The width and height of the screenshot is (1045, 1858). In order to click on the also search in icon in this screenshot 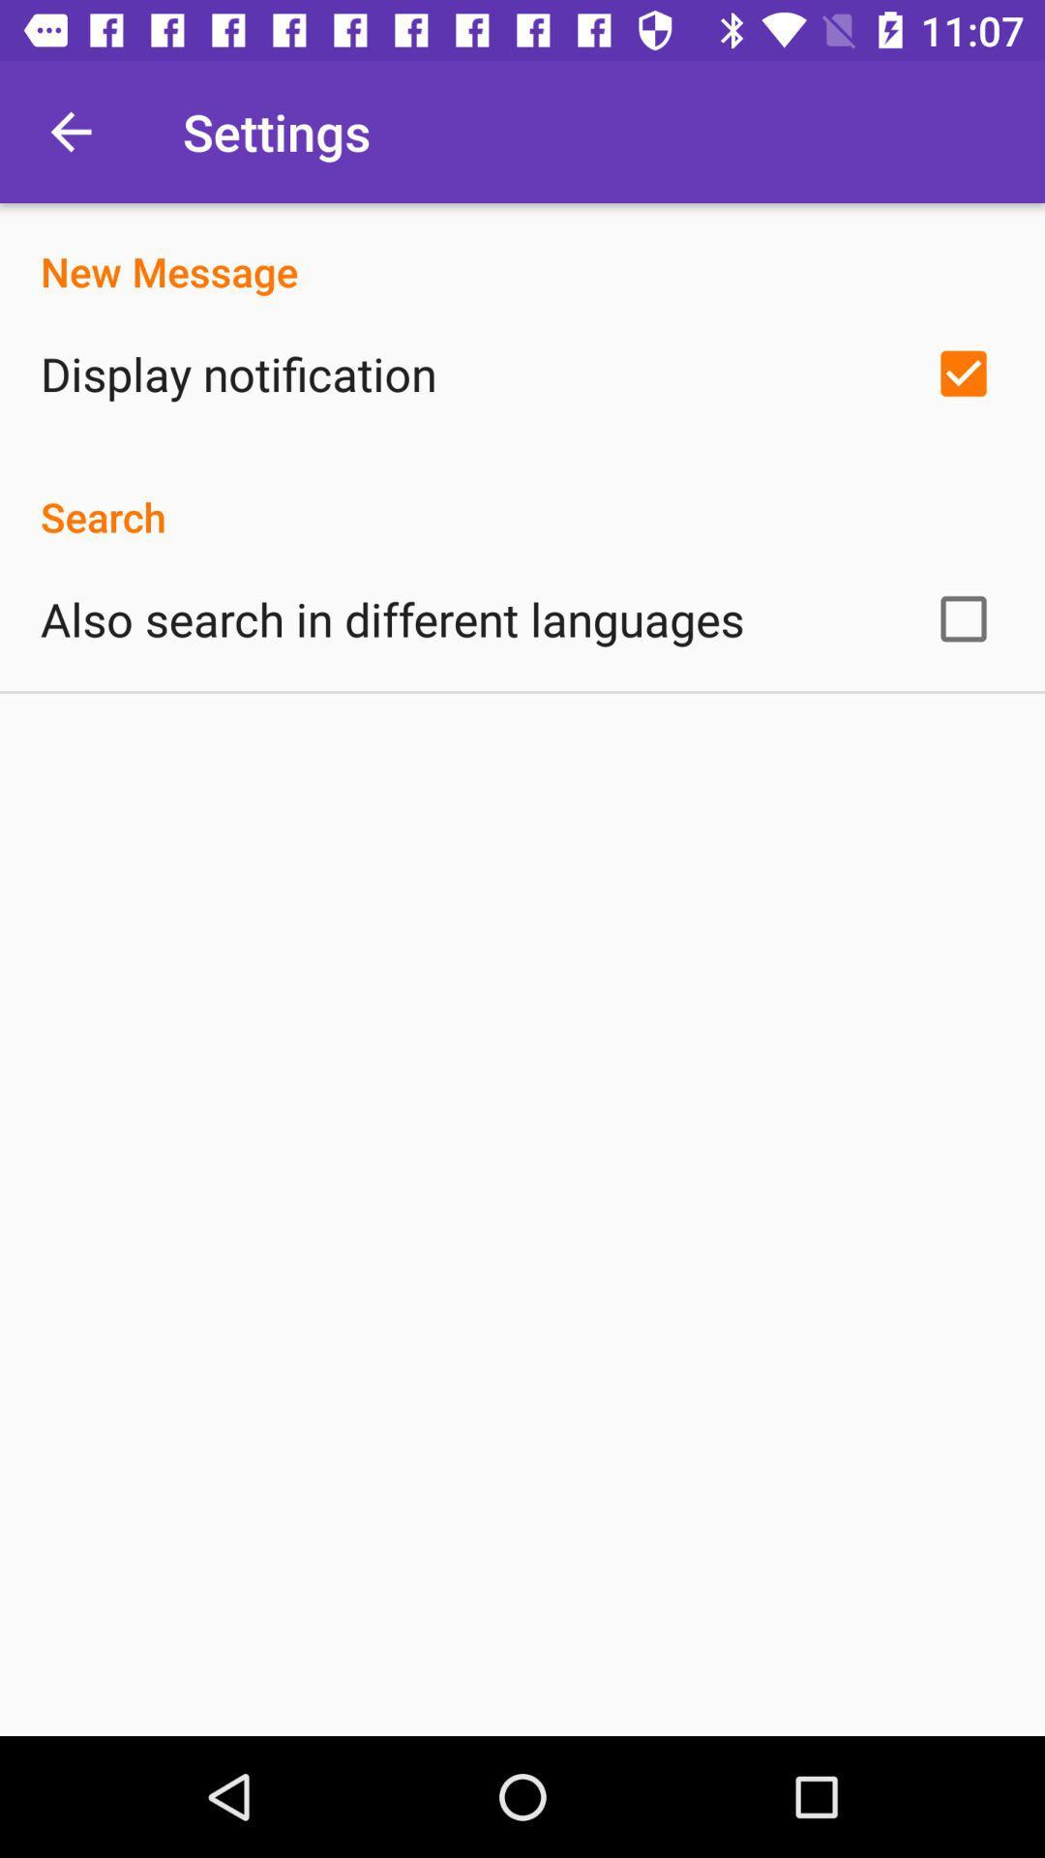, I will do `click(392, 617)`.